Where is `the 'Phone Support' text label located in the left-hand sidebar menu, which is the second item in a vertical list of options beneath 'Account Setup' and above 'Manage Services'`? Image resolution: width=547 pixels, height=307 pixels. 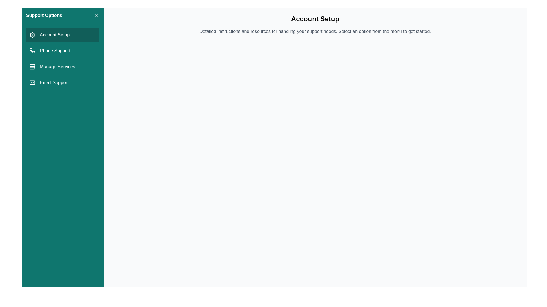
the 'Phone Support' text label located in the left-hand sidebar menu, which is the second item in a vertical list of options beneath 'Account Setup' and above 'Manage Services' is located at coordinates (55, 50).